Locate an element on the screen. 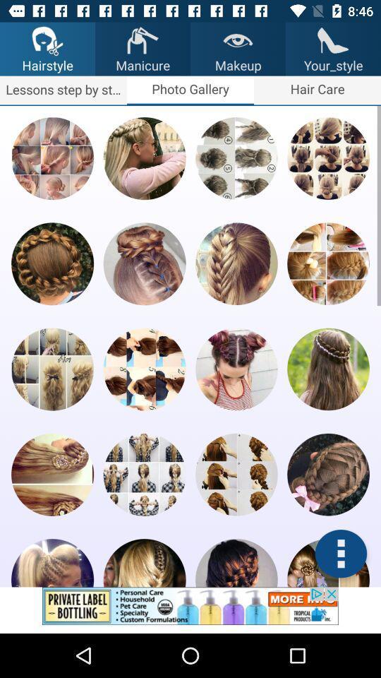 This screenshot has width=381, height=678. braid choice is located at coordinates (144, 263).